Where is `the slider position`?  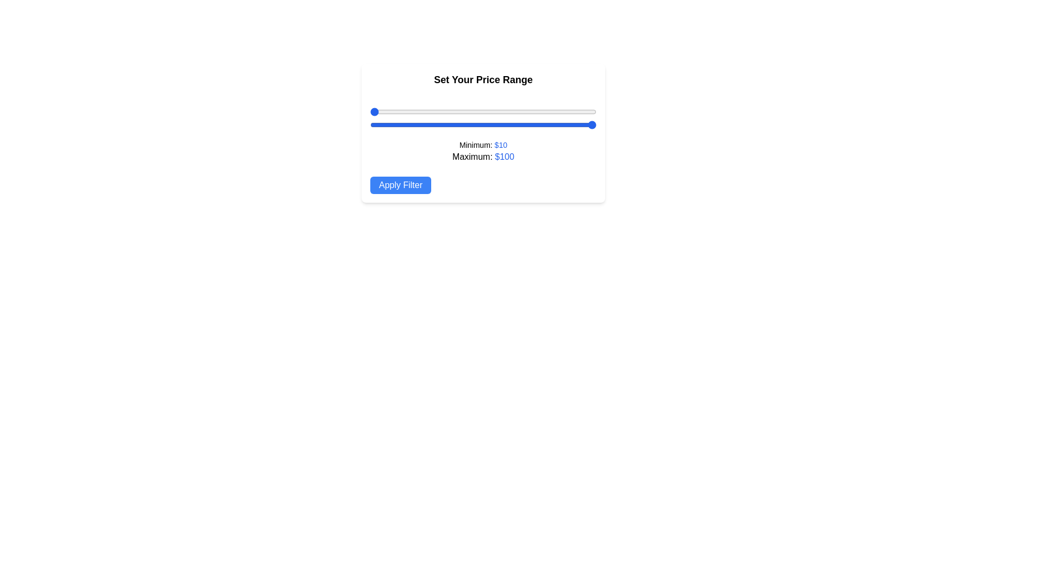
the slider position is located at coordinates (407, 111).